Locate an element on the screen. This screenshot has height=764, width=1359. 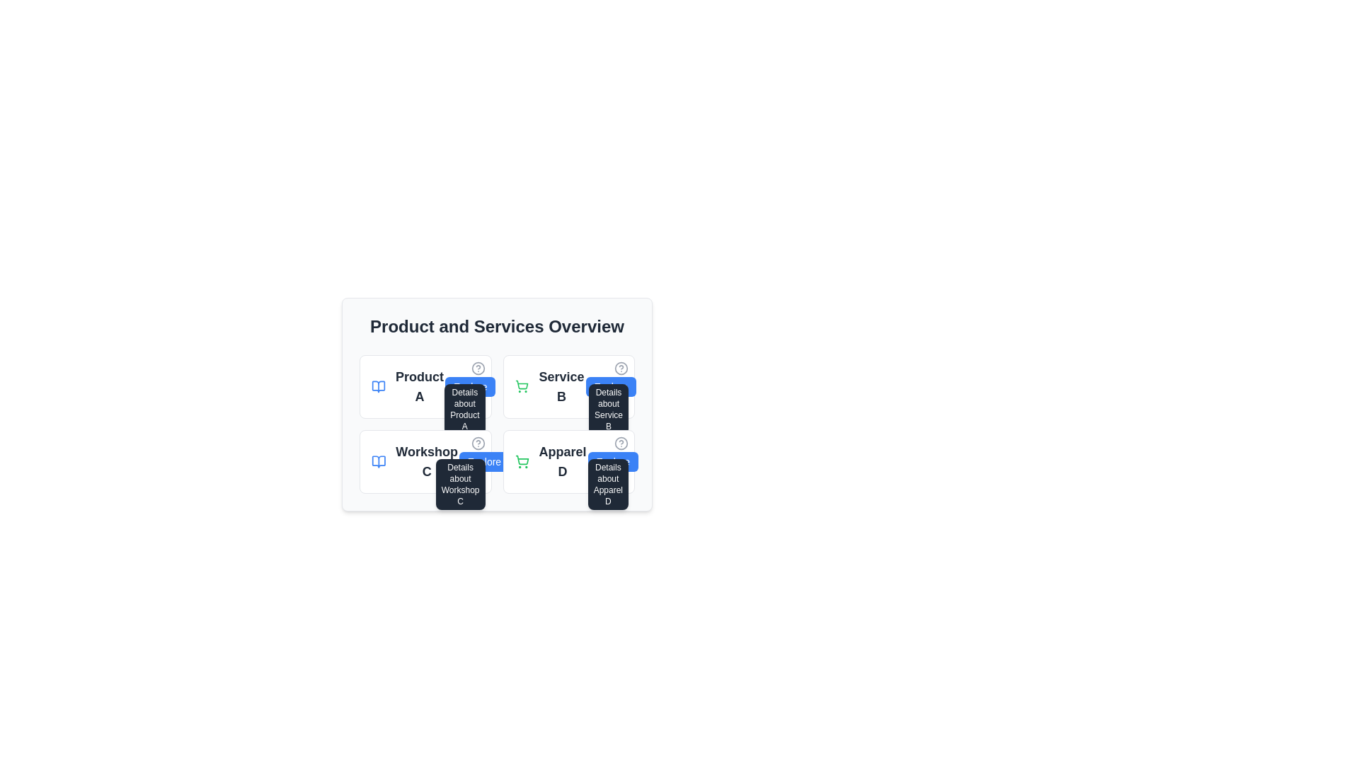
title 'Product A' displayed in the top-left quadrant of the grid-like structure, which serves as an informational display for the product is located at coordinates (407, 387).